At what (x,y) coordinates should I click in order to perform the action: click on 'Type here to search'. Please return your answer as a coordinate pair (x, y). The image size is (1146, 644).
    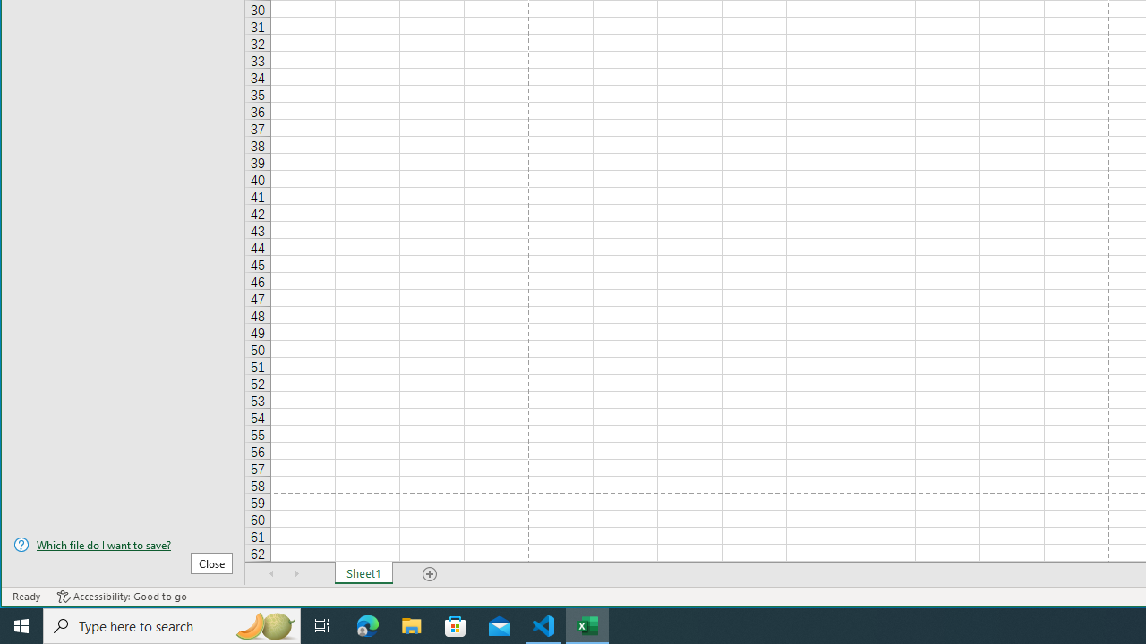
    Looking at the image, I should click on (172, 624).